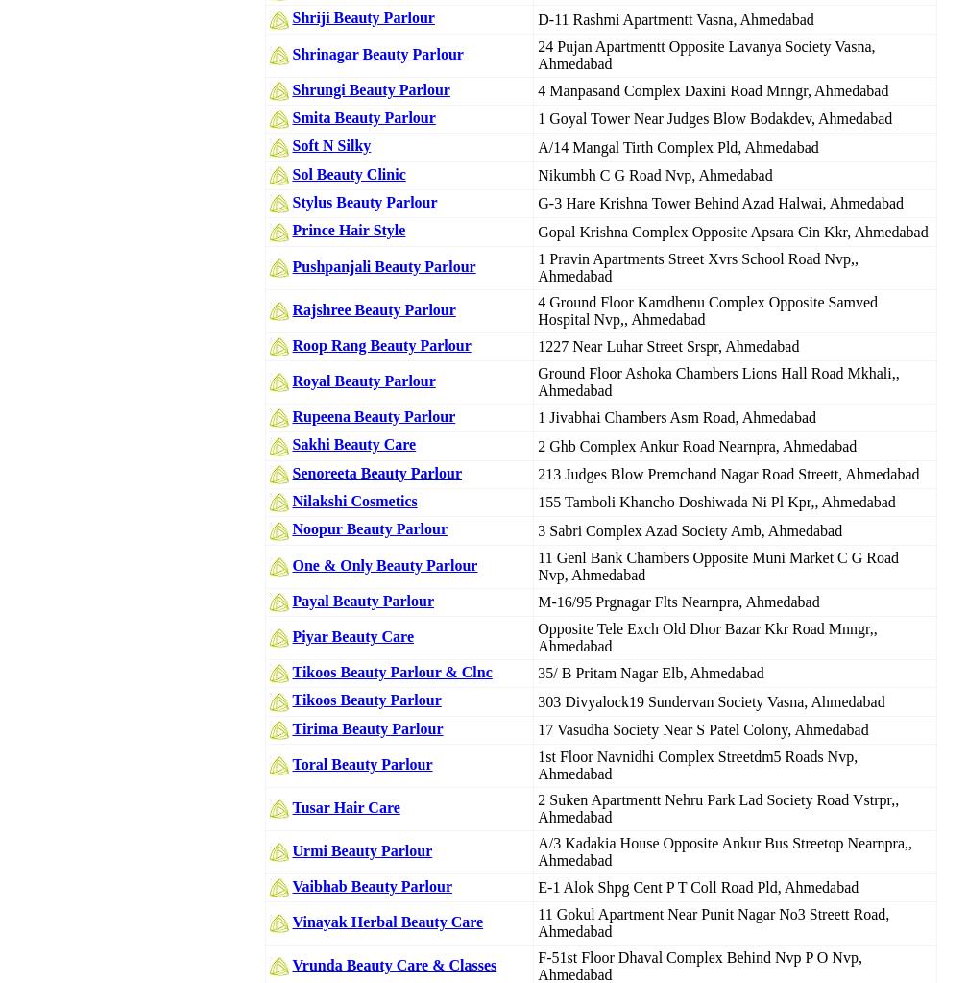  What do you see at coordinates (366, 700) in the screenshot?
I see `'Tikoos Beauty Parlour'` at bounding box center [366, 700].